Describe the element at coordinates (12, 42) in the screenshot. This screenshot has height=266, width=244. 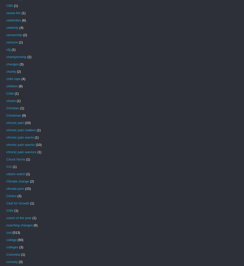
I see `'censure'` at that location.